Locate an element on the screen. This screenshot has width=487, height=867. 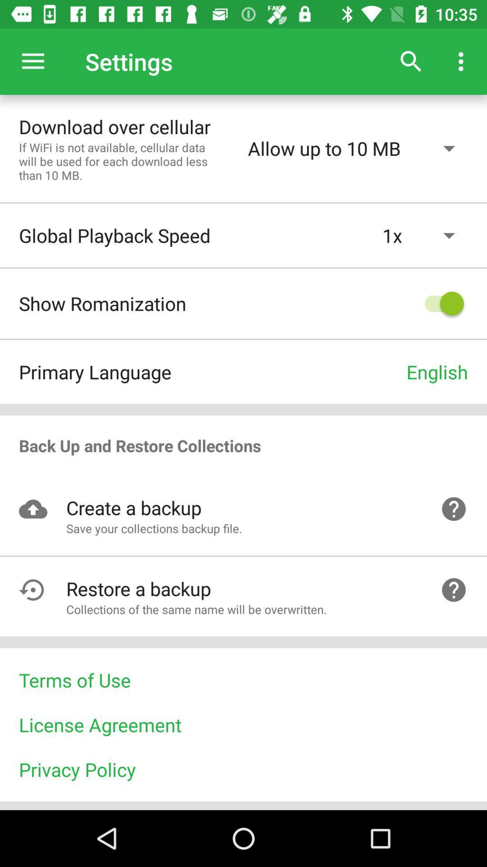
the help icon is located at coordinates (454, 590).